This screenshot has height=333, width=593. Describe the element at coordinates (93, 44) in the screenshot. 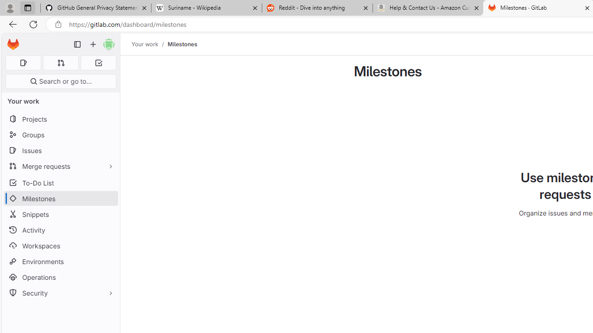

I see `'Create new...'` at that location.